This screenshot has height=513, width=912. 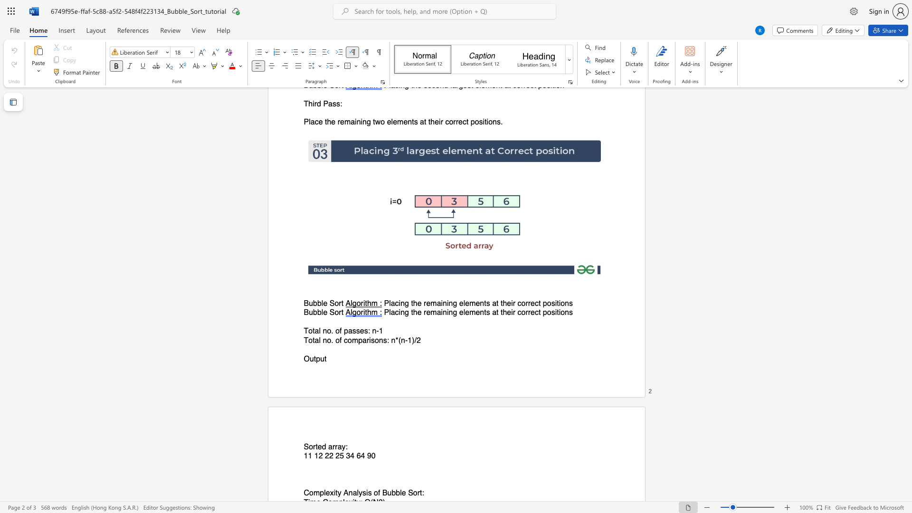 I want to click on the subset text "Bubble So" within the text "Bubble Sort", so click(x=303, y=304).